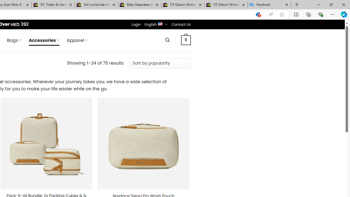 This screenshot has height=197, width=350. Describe the element at coordinates (186, 40) in the screenshot. I see `' 0 '` at that location.